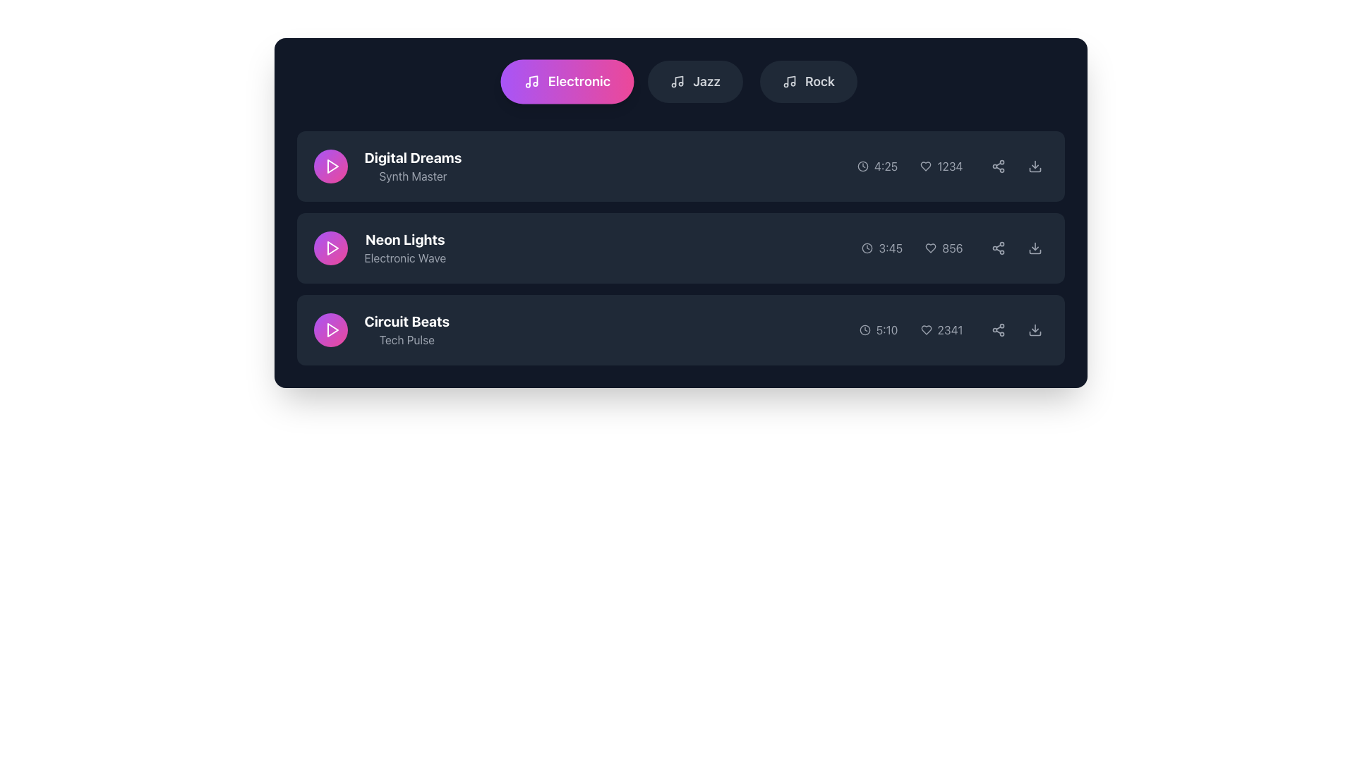  What do you see at coordinates (867, 247) in the screenshot?
I see `the SVG Circle element that is part of the clock icon, located adjacent to the text '3:45' under the 'Neon Lights' track entry` at bounding box center [867, 247].